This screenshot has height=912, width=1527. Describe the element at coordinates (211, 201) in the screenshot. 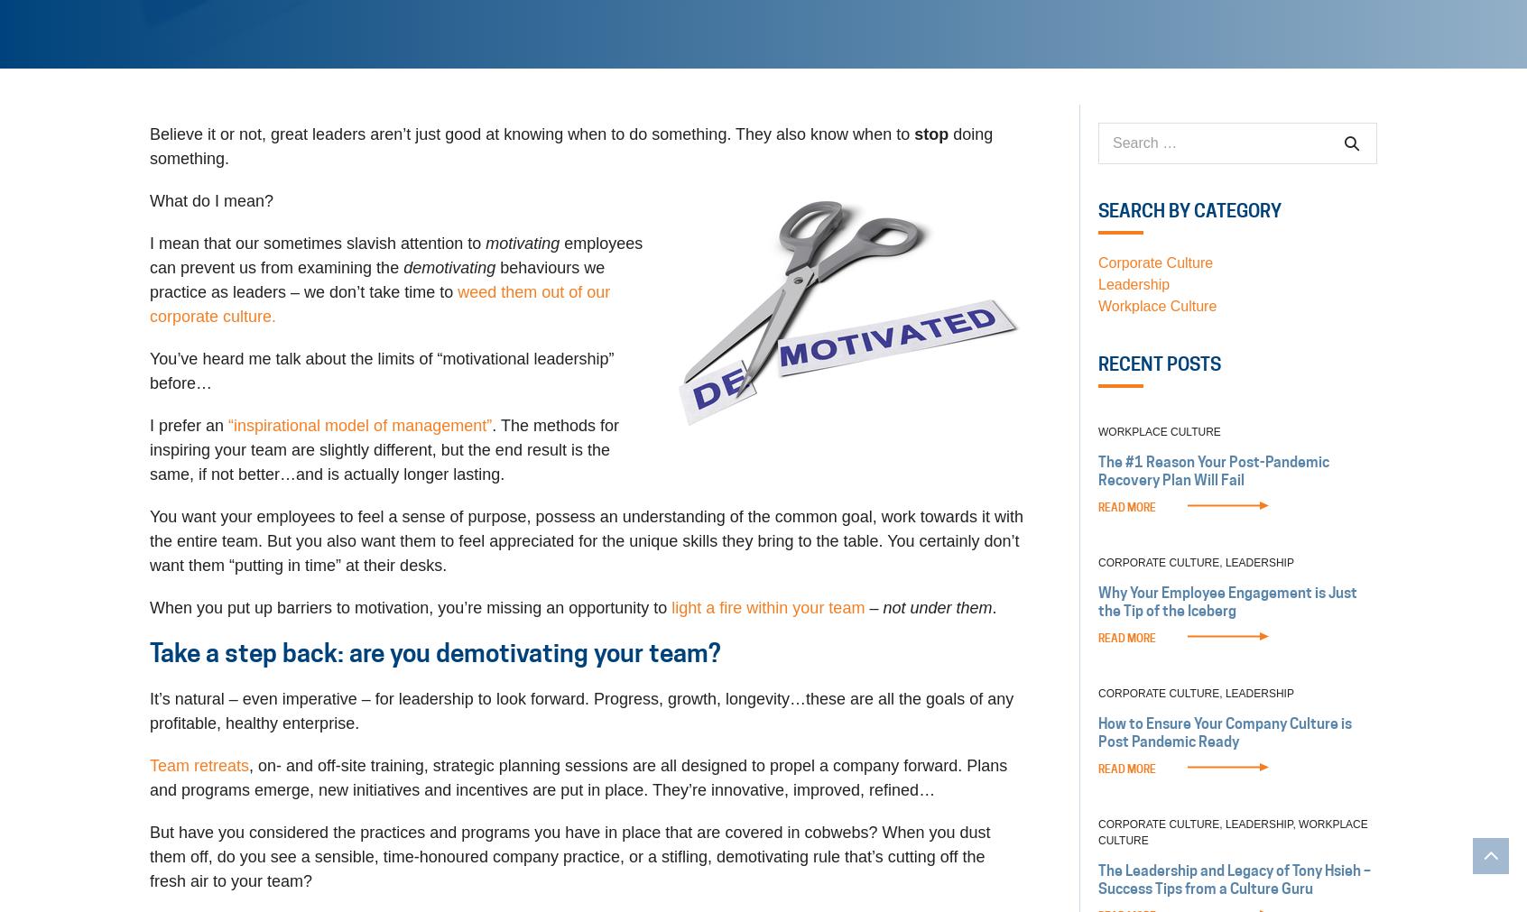

I see `'What do I mean?'` at that location.